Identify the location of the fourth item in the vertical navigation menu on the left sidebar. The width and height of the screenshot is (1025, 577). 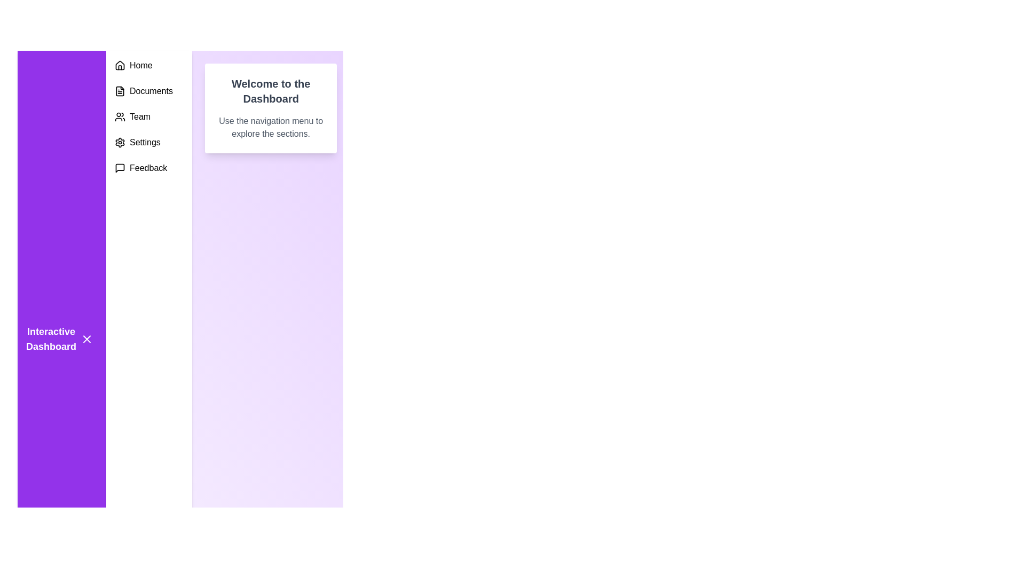
(148, 142).